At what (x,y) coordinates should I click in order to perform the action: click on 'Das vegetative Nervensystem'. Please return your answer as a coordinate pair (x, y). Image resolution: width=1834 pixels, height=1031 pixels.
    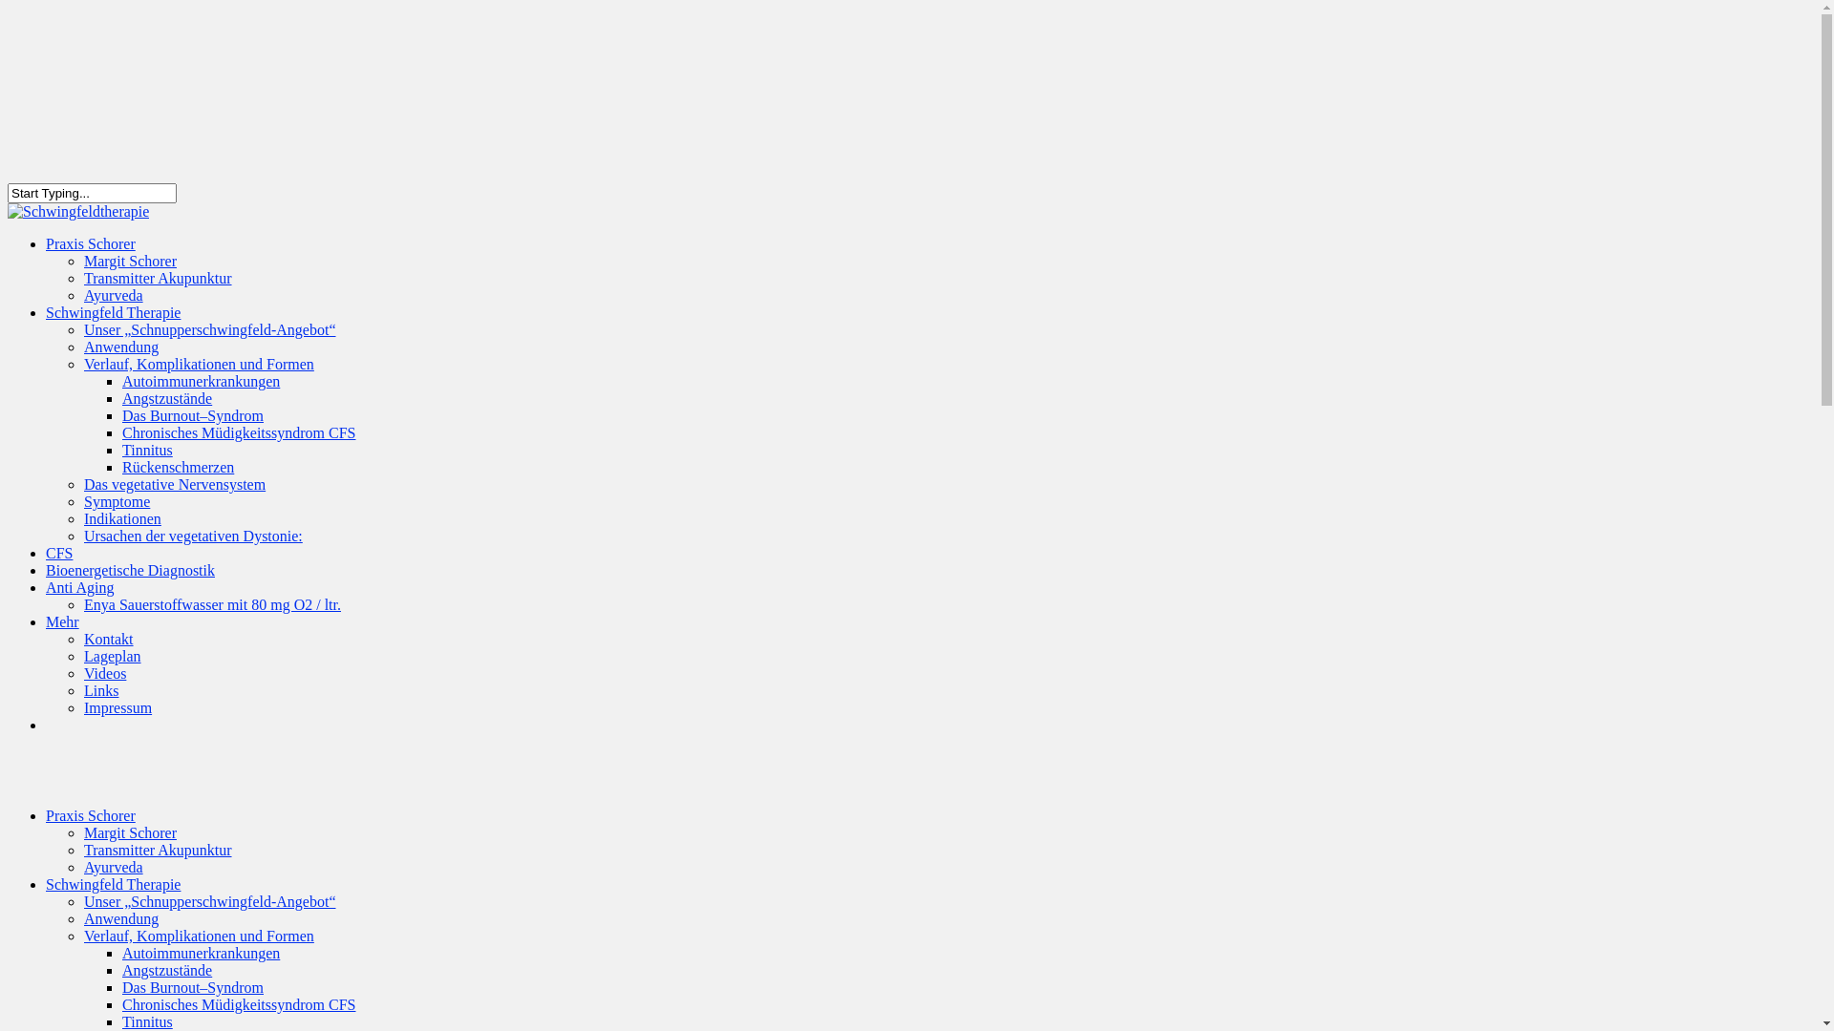
    Looking at the image, I should click on (174, 483).